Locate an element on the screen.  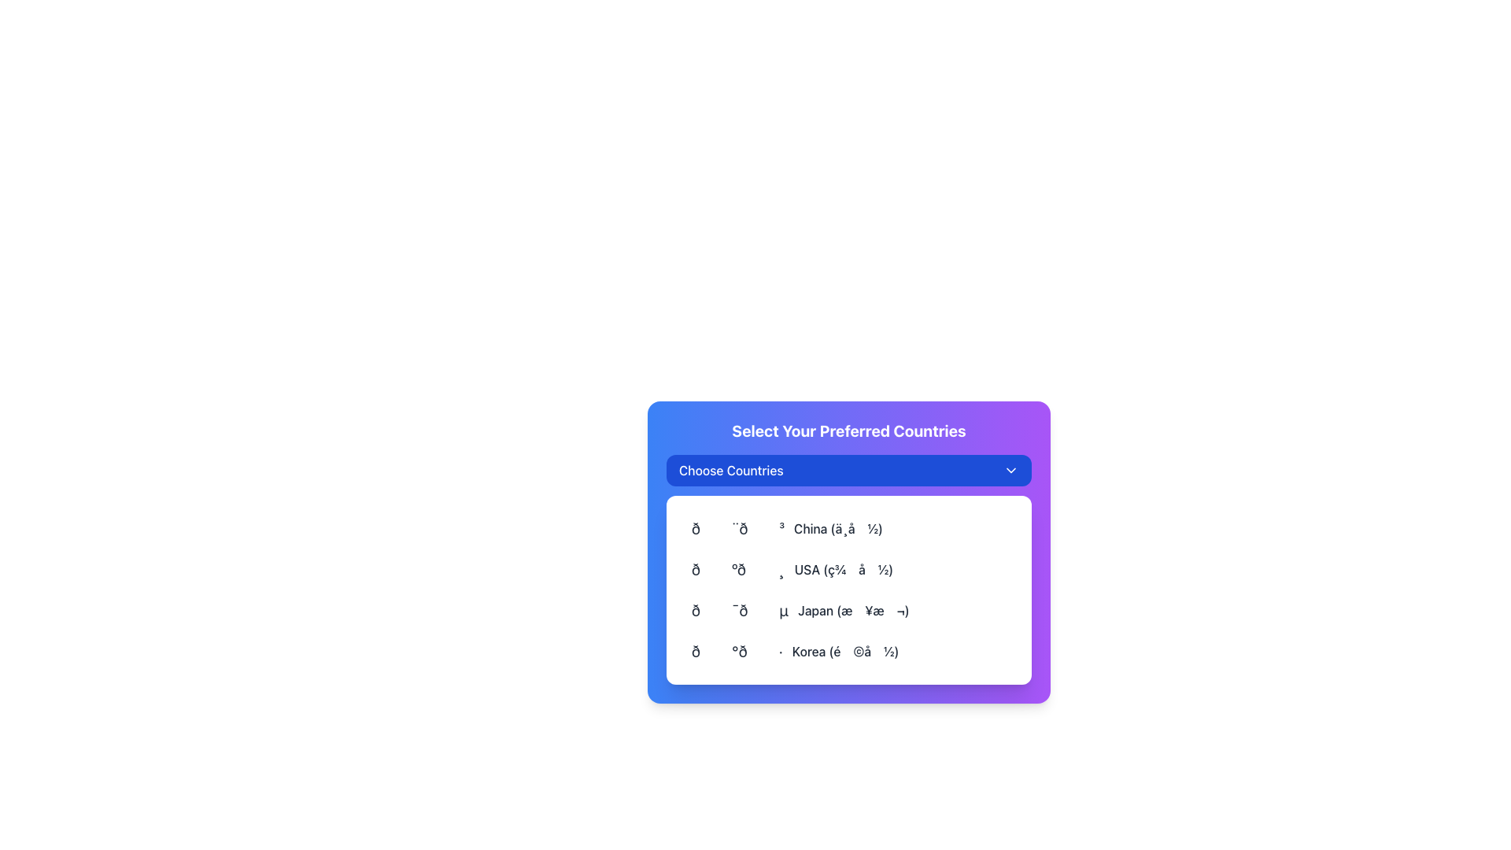
the text labeled 'USA (ç¾美å国)' in the dropdown list is located at coordinates (843, 570).